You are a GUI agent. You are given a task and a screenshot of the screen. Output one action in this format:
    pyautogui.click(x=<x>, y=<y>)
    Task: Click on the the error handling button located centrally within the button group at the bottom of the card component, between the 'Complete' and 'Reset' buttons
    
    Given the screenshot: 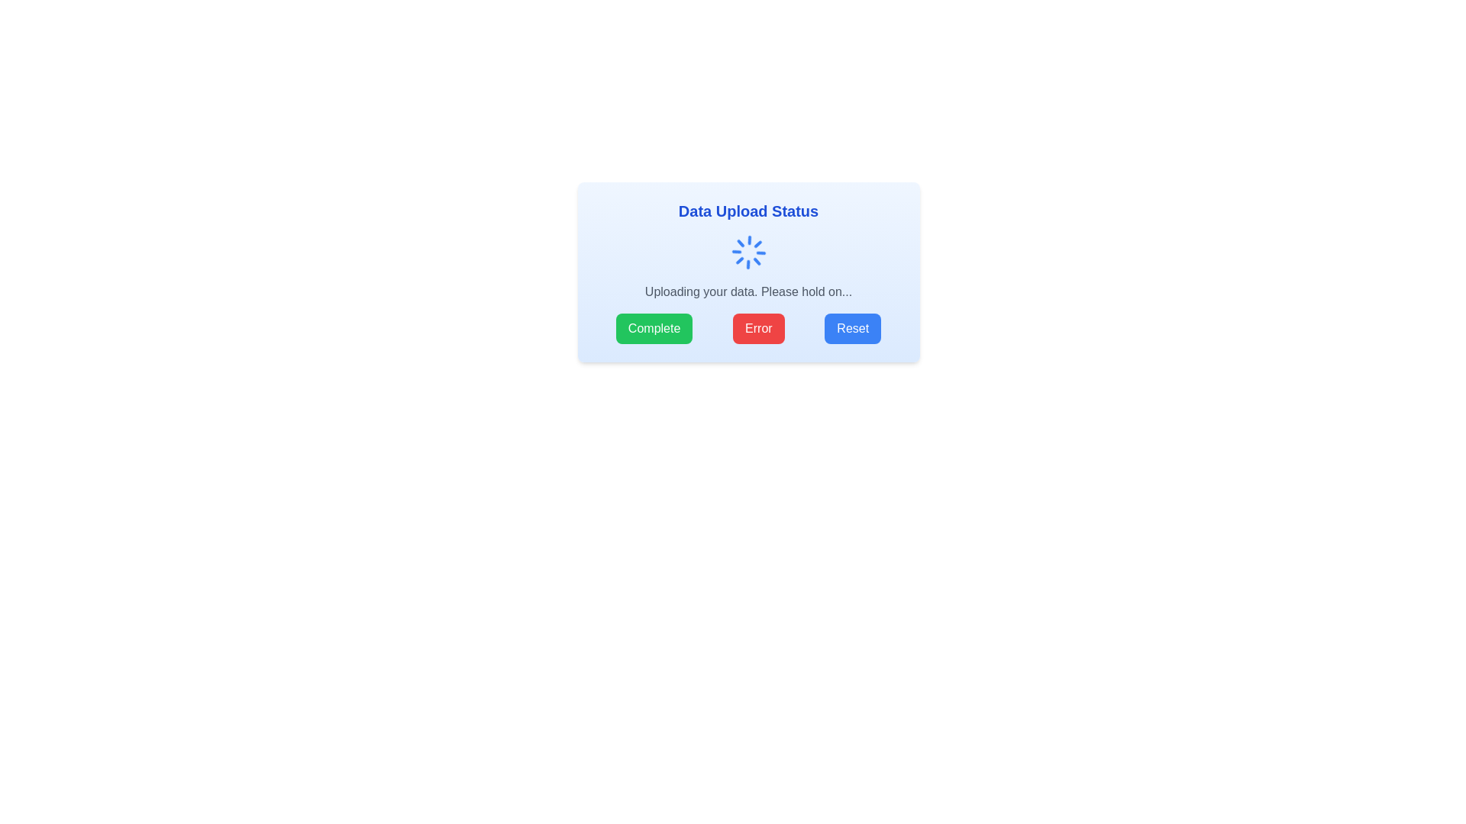 What is the action you would take?
    pyautogui.click(x=758, y=328)
    